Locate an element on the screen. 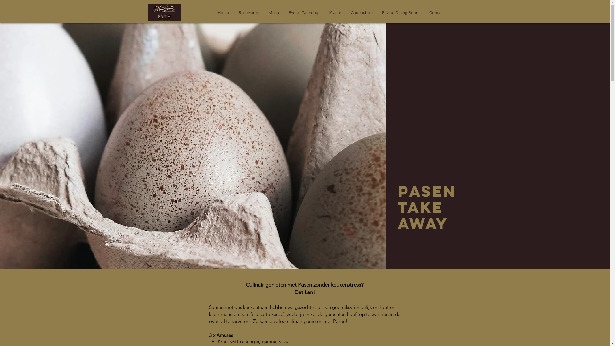 This screenshot has width=615, height=346. 'Reserveren' is located at coordinates (248, 12).